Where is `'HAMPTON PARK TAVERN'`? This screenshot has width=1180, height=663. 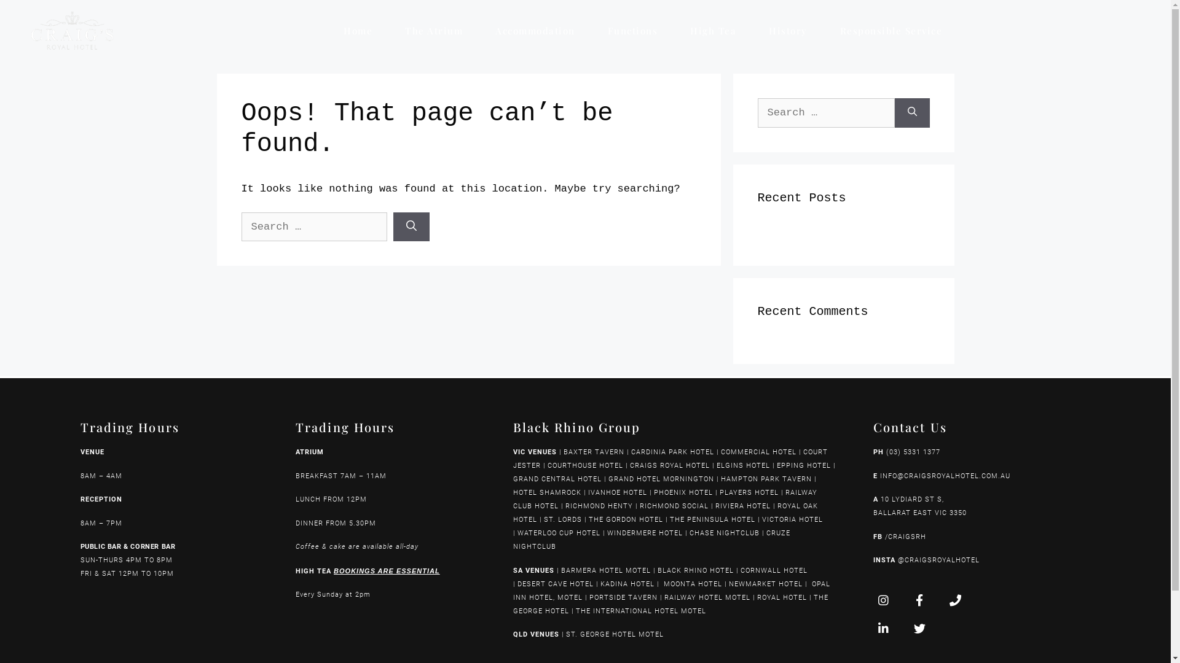 'HAMPTON PARK TAVERN' is located at coordinates (766, 478).